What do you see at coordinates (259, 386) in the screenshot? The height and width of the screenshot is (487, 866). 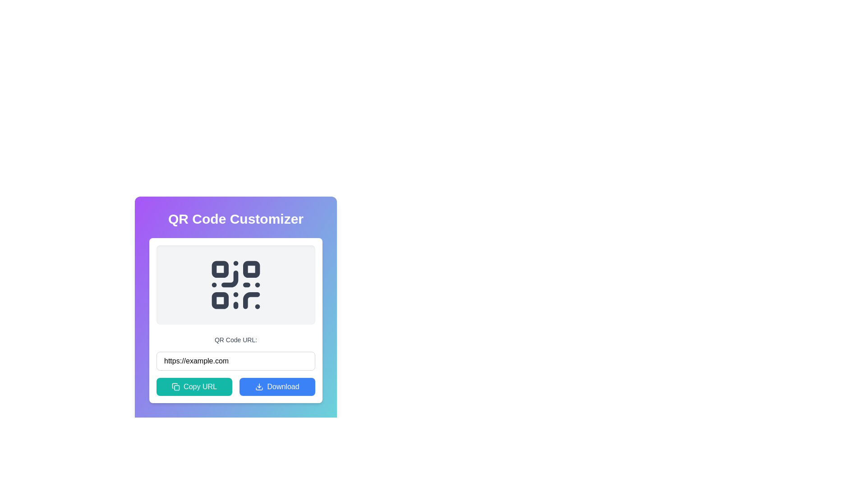 I see `the download icon, which is a minimalistic design with a downward arrow on a blue circular background` at bounding box center [259, 386].